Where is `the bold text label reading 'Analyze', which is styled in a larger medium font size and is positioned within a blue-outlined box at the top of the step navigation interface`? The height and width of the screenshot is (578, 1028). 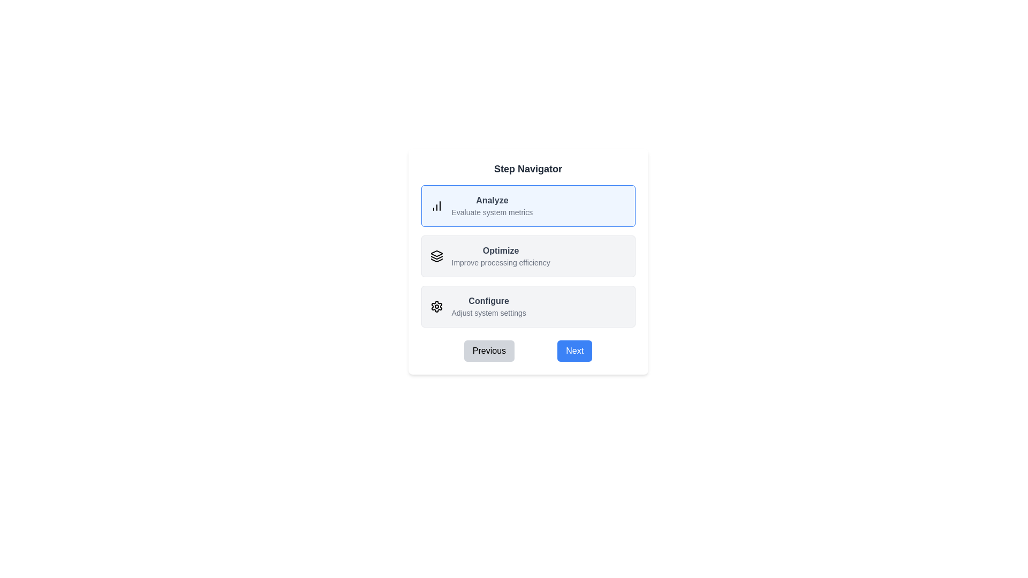
the bold text label reading 'Analyze', which is styled in a larger medium font size and is positioned within a blue-outlined box at the top of the step navigation interface is located at coordinates (492, 200).